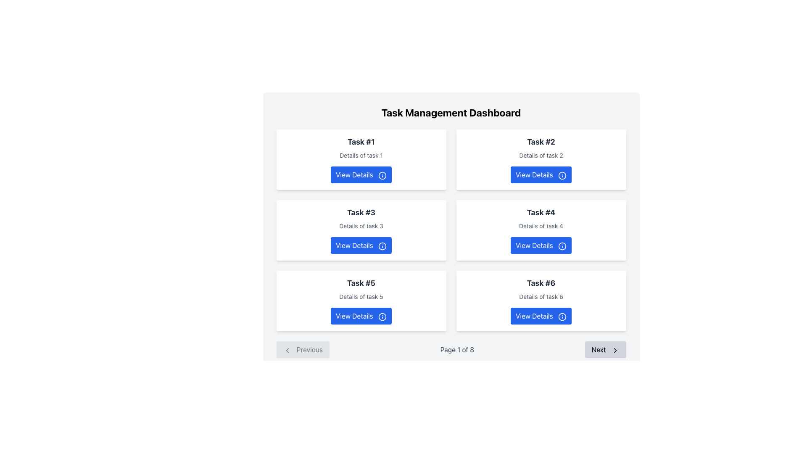  What do you see at coordinates (303, 350) in the screenshot?
I see `the 'Previous' button located at the bottom left corner of the interface` at bounding box center [303, 350].